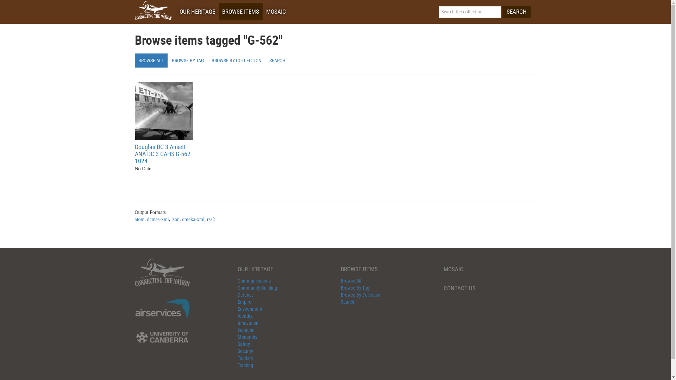 The image size is (676, 380). I want to click on 'Security', so click(245, 351).